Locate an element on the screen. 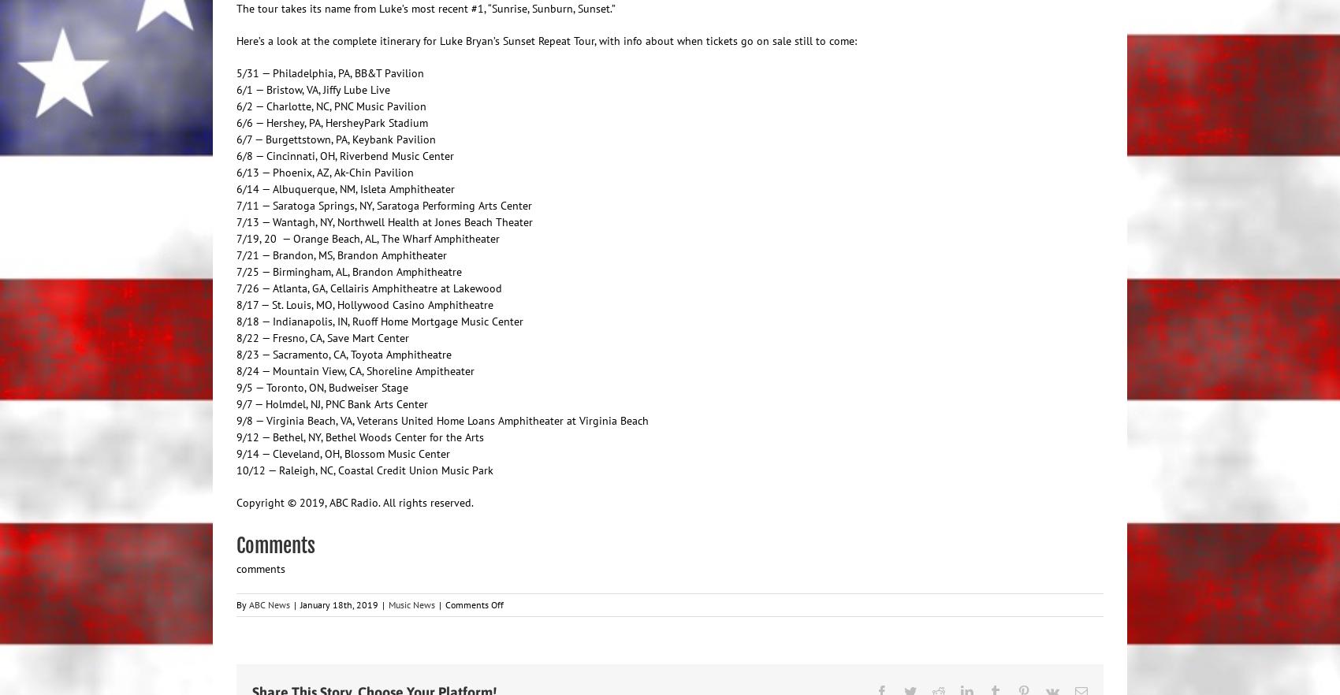  '9/7 — Holmdel, NJ, PNC Bank Arts Center' is located at coordinates (331, 403).